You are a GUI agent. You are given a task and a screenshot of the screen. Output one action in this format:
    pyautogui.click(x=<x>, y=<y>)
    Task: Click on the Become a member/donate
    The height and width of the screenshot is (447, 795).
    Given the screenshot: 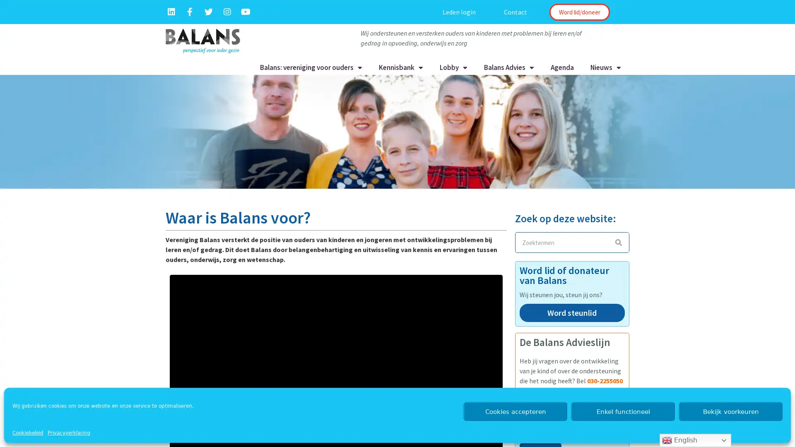 What is the action you would take?
    pyautogui.click(x=578, y=12)
    